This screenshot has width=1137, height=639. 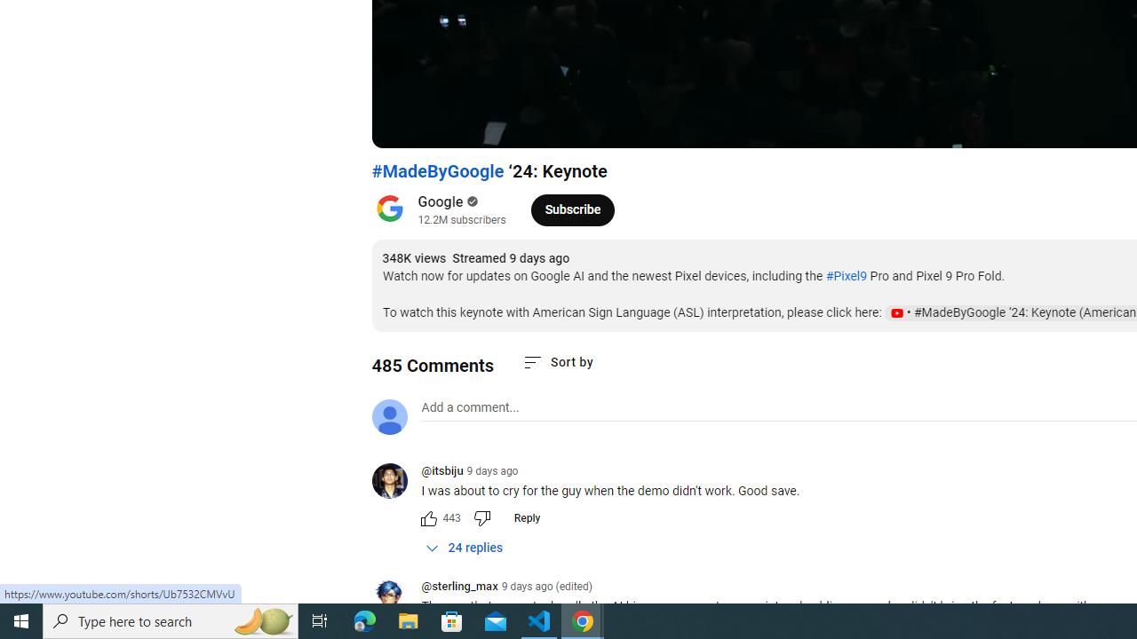 What do you see at coordinates (389, 417) in the screenshot?
I see `'Default profile photo'` at bounding box center [389, 417].